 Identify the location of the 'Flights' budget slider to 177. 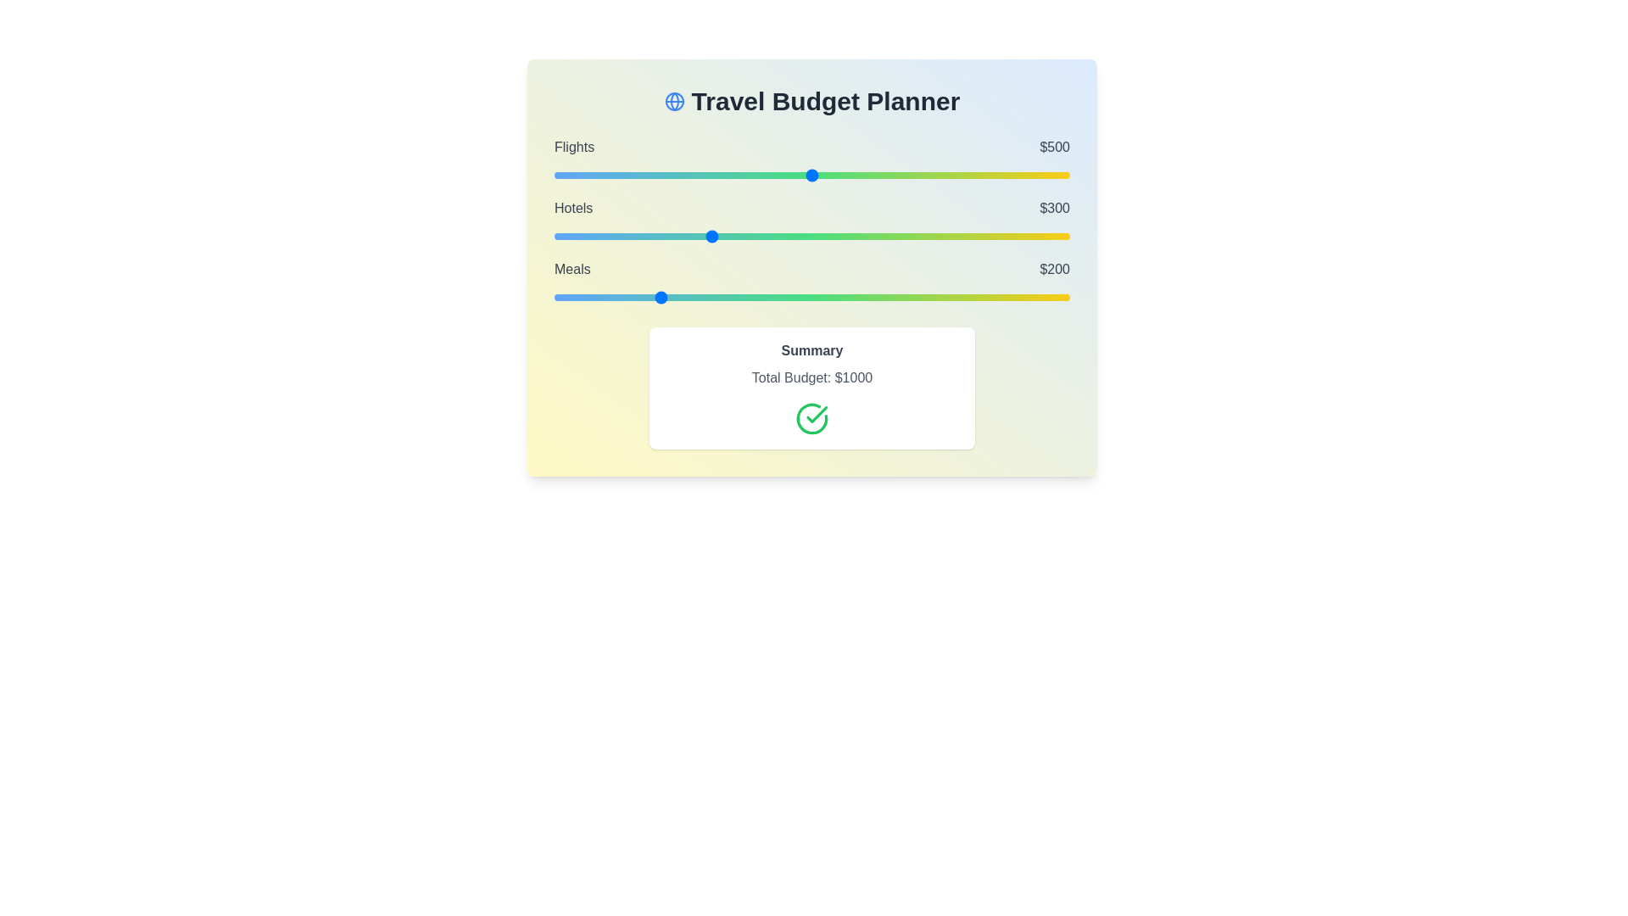
(644, 176).